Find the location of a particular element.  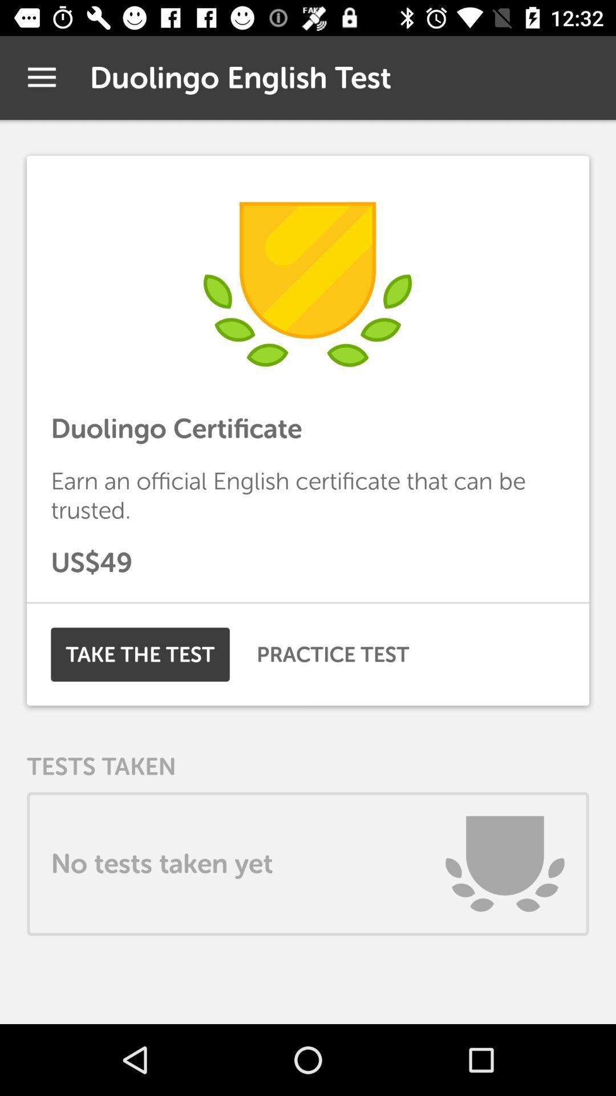

icon next to the practice test item is located at coordinates (140, 654).